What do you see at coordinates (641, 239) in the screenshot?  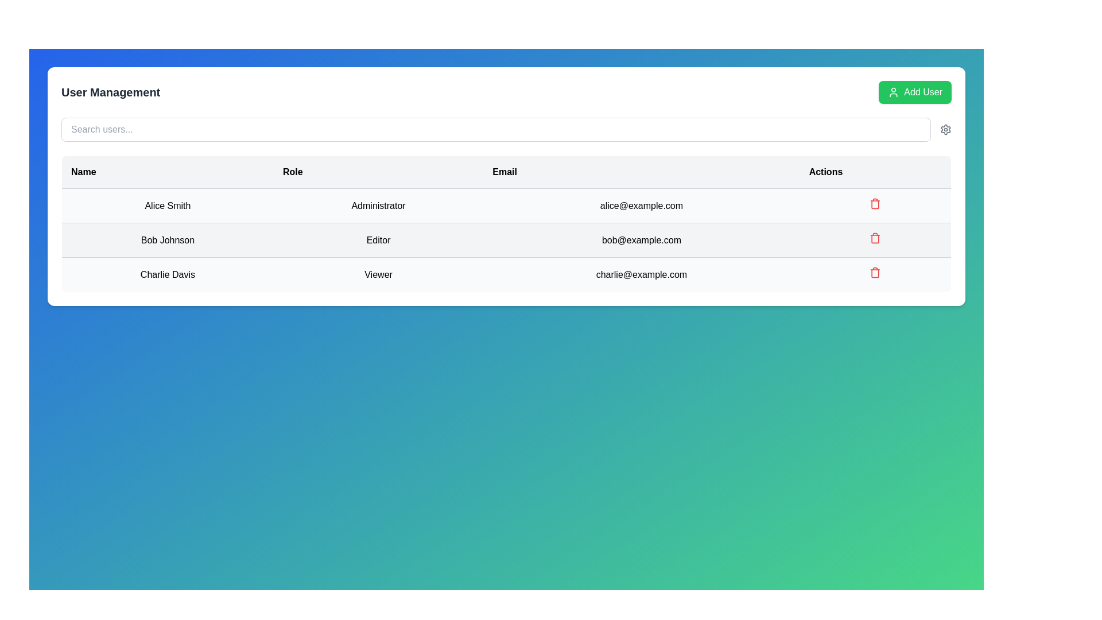 I see `the static text displaying the email address of user 'Bob Johnson', which is located in the 'Email' column of the user management table` at bounding box center [641, 239].